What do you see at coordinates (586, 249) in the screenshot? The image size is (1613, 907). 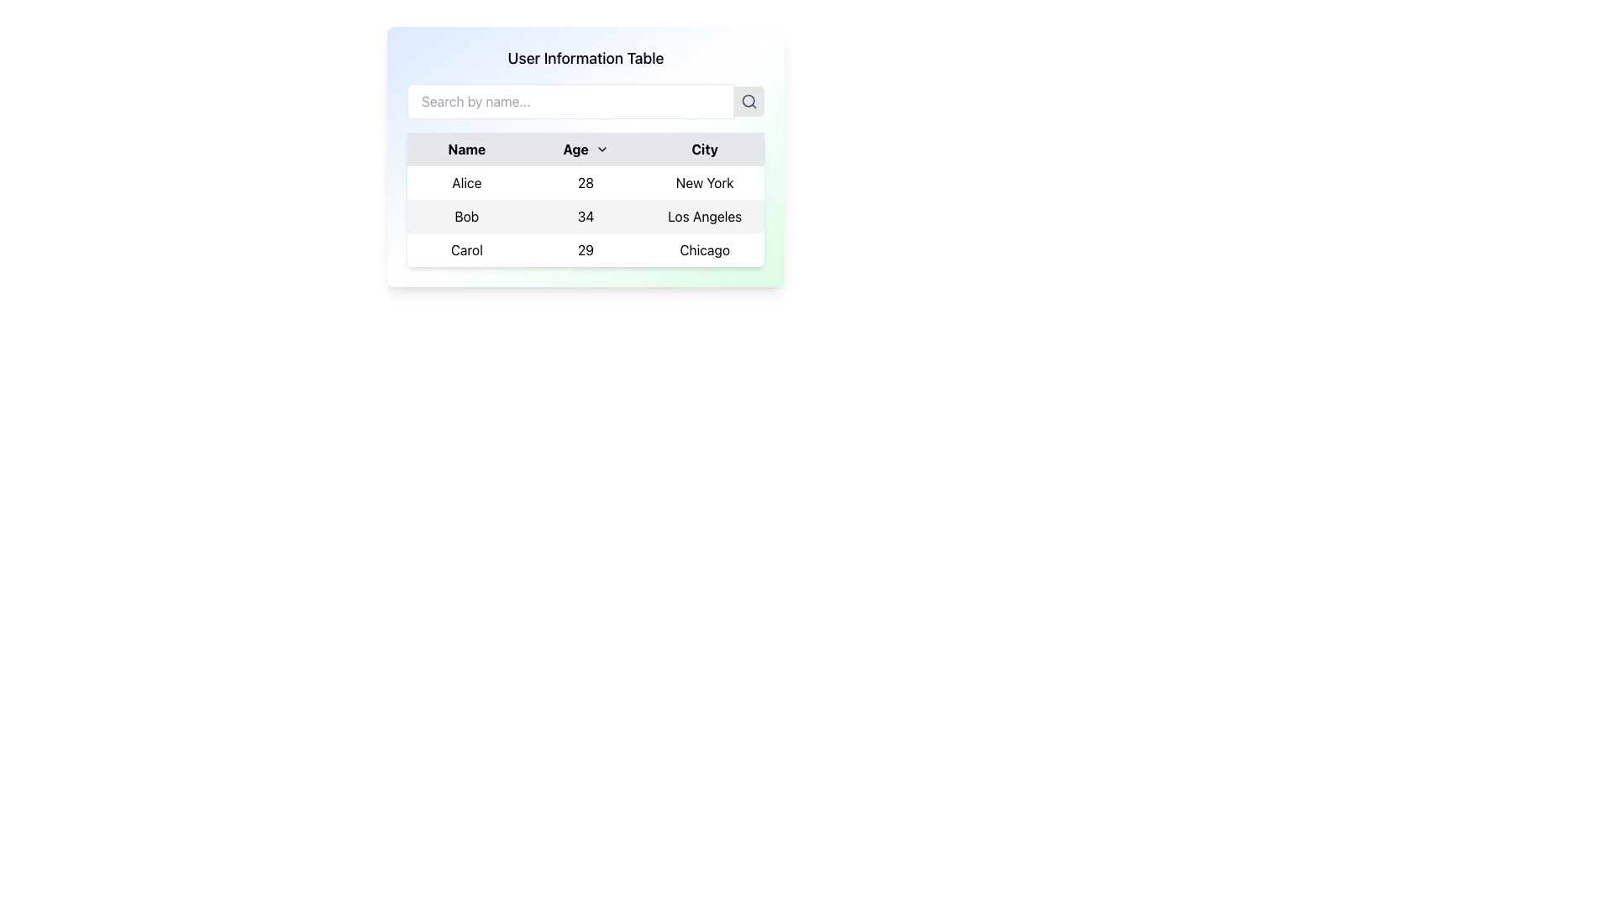 I see `the third table row containing user information (Name, Age, City)` at bounding box center [586, 249].